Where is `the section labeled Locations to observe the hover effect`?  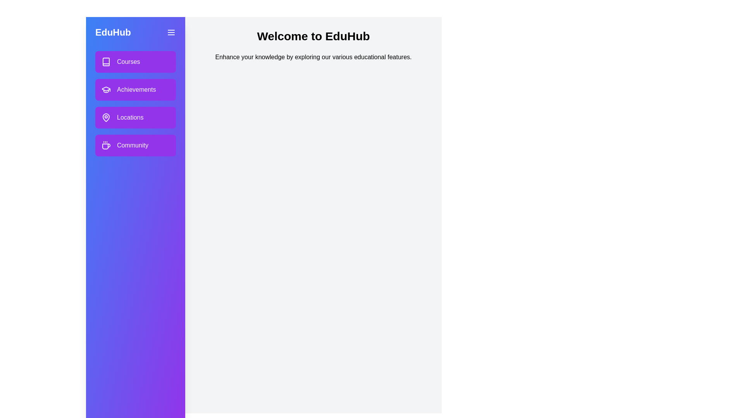
the section labeled Locations to observe the hover effect is located at coordinates (136, 118).